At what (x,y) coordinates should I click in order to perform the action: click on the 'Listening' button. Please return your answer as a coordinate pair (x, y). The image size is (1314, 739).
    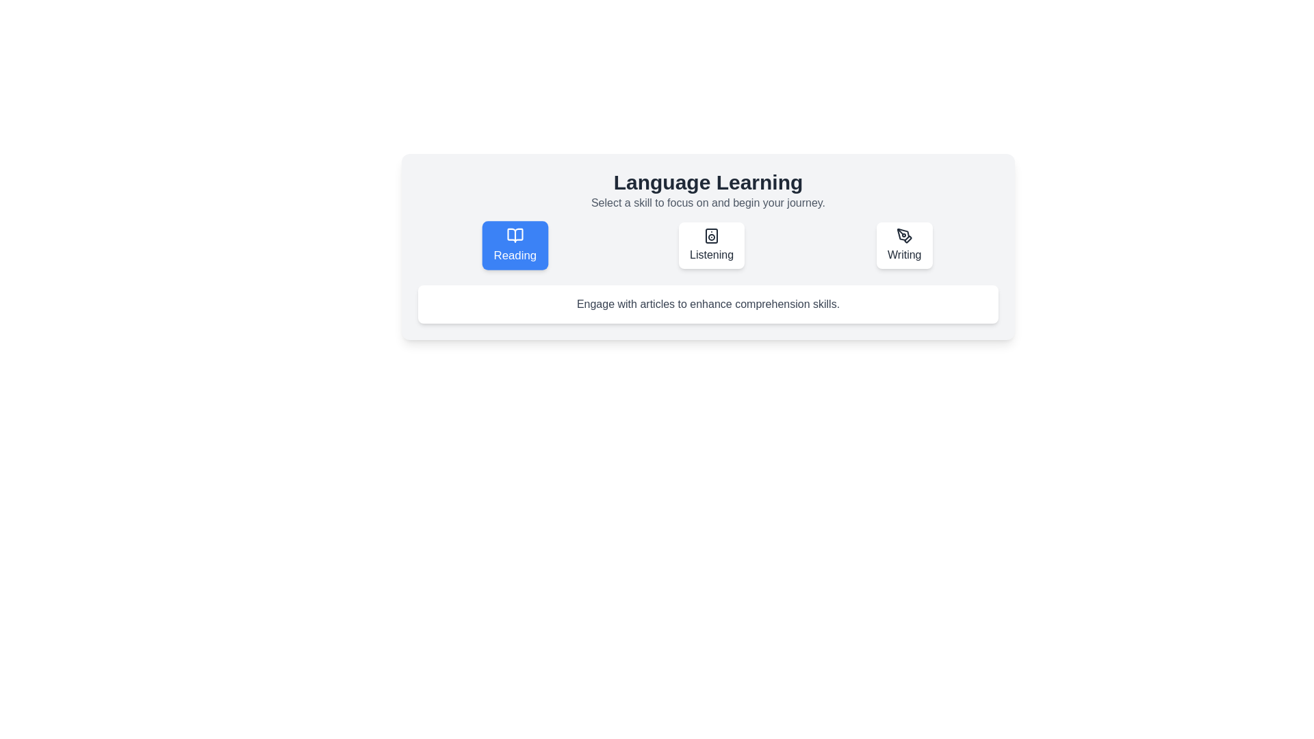
    Looking at the image, I should click on (712, 244).